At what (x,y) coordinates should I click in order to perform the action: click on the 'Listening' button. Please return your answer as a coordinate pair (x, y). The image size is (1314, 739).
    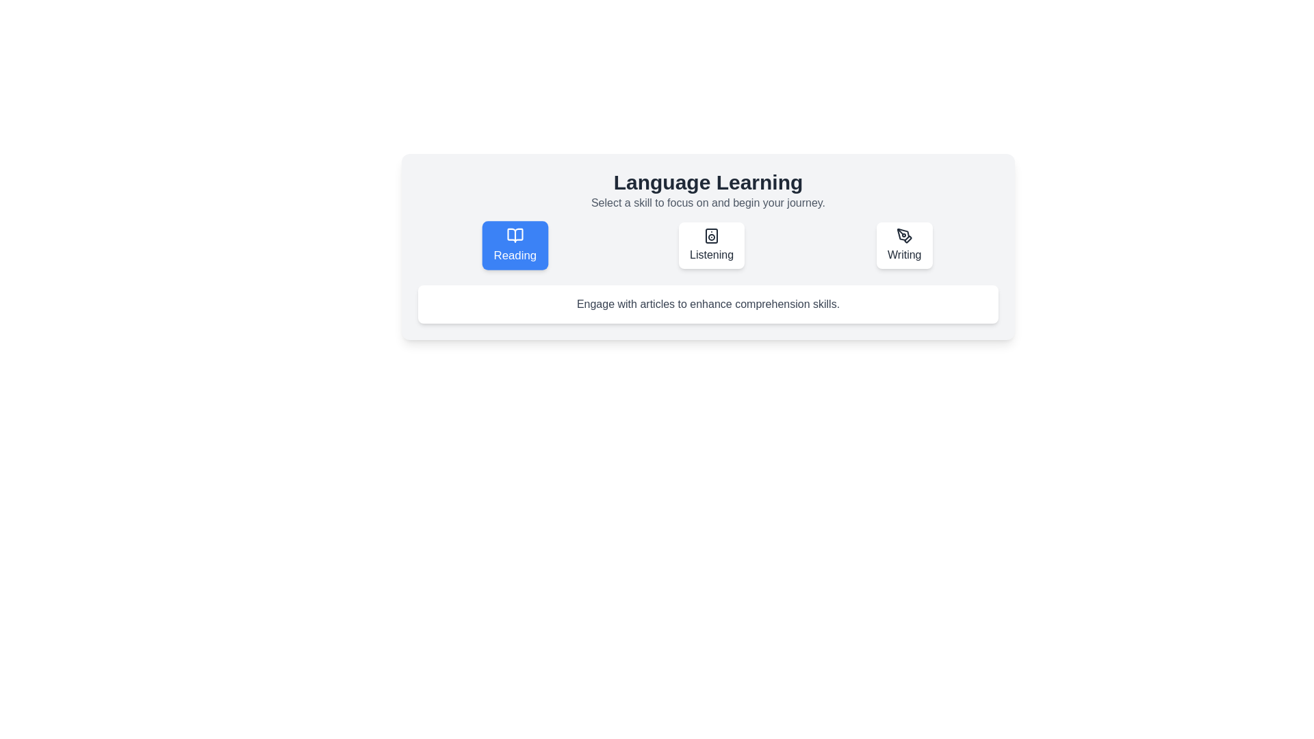
    Looking at the image, I should click on (712, 244).